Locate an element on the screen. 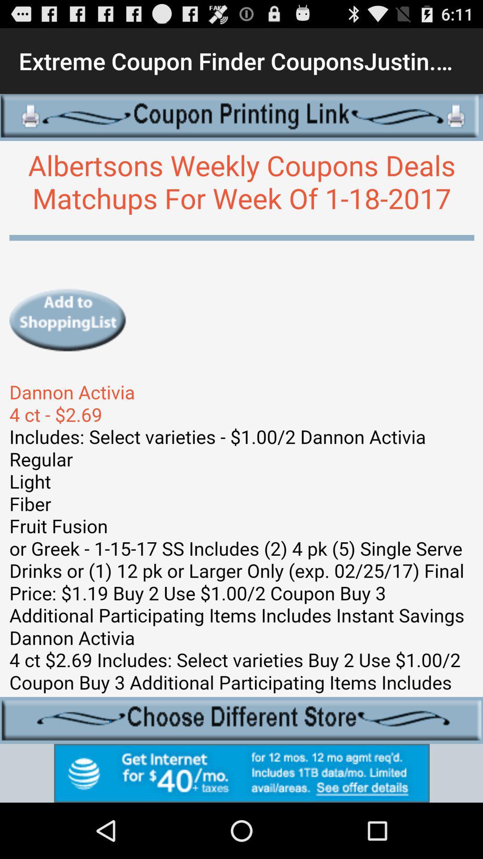 The image size is (483, 859). change location is located at coordinates (241, 720).